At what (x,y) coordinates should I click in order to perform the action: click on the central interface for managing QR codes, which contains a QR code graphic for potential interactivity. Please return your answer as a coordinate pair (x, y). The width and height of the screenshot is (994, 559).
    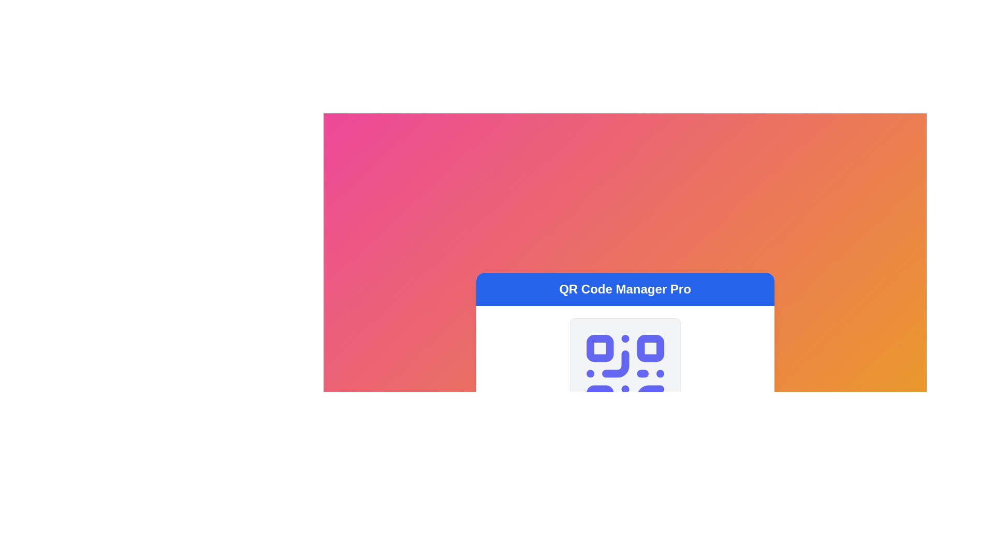
    Looking at the image, I should click on (624, 393).